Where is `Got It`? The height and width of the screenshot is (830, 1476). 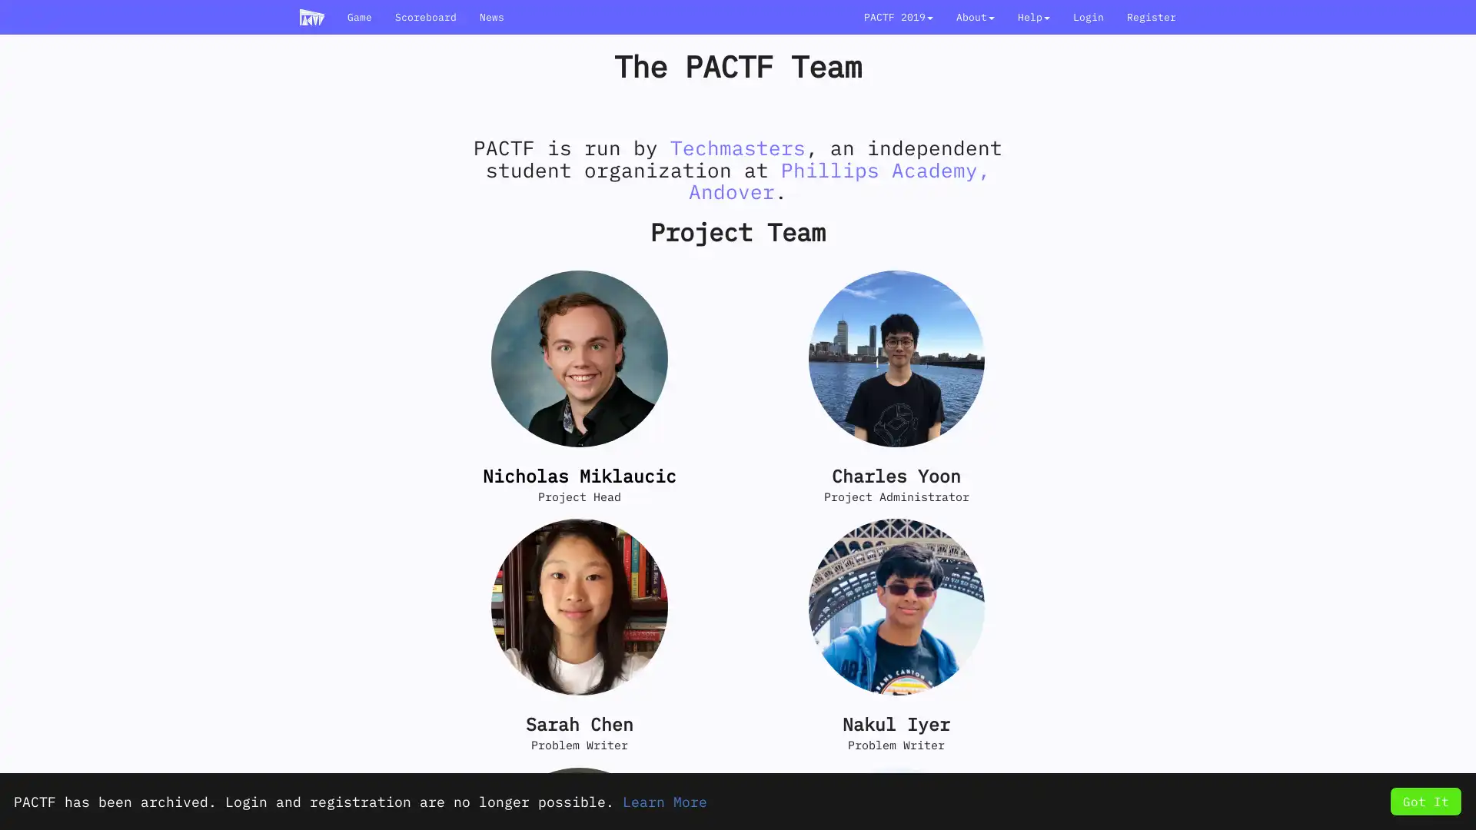 Got It is located at coordinates (1424, 800).